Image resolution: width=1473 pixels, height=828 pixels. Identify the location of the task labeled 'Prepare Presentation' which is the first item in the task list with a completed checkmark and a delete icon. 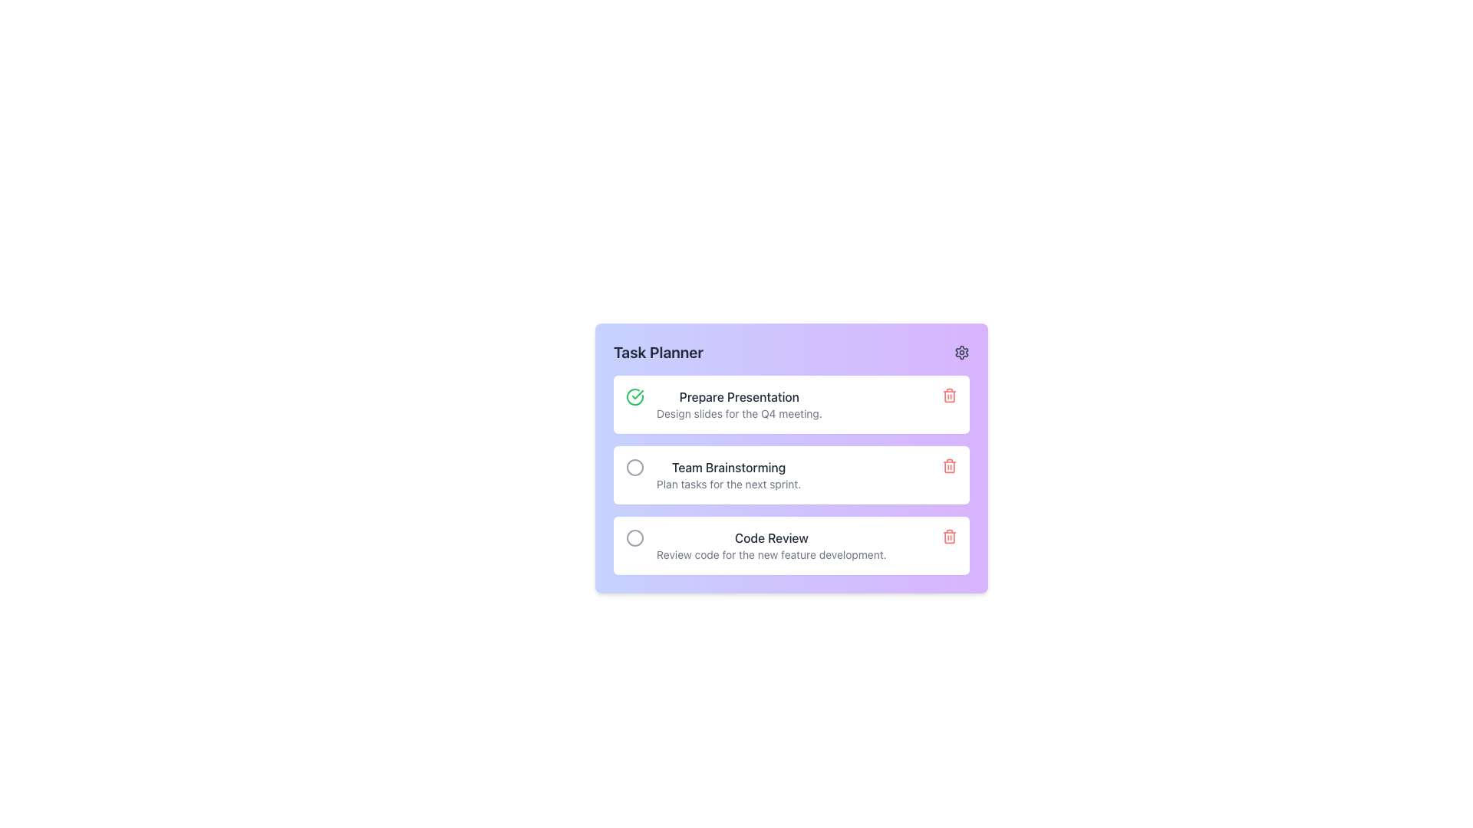
(739, 404).